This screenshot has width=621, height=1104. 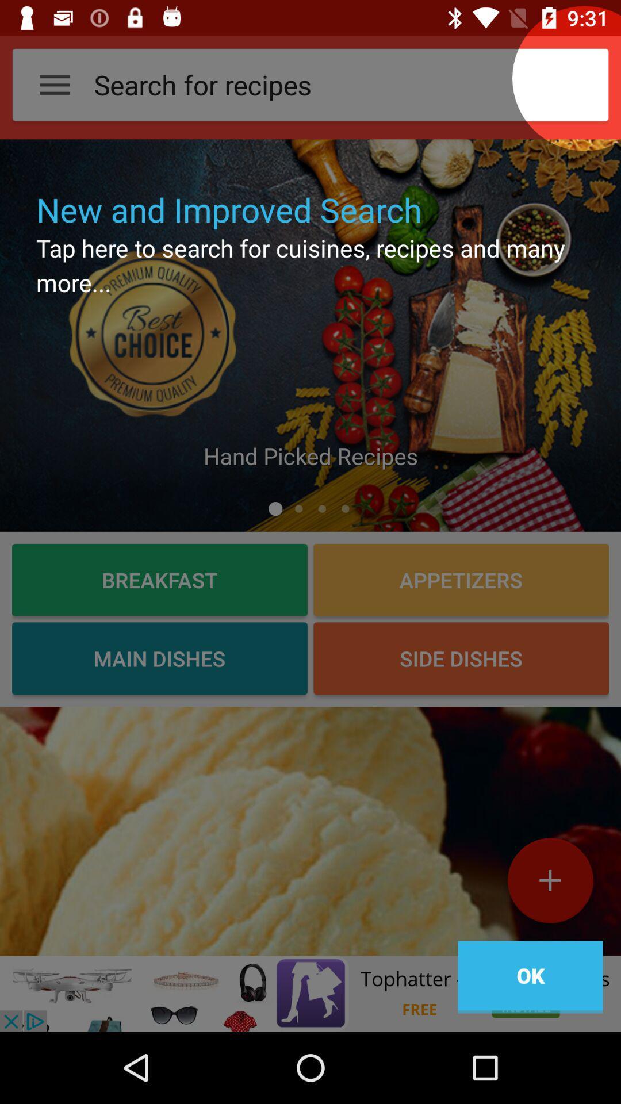 I want to click on click on advertisement, so click(x=310, y=993).